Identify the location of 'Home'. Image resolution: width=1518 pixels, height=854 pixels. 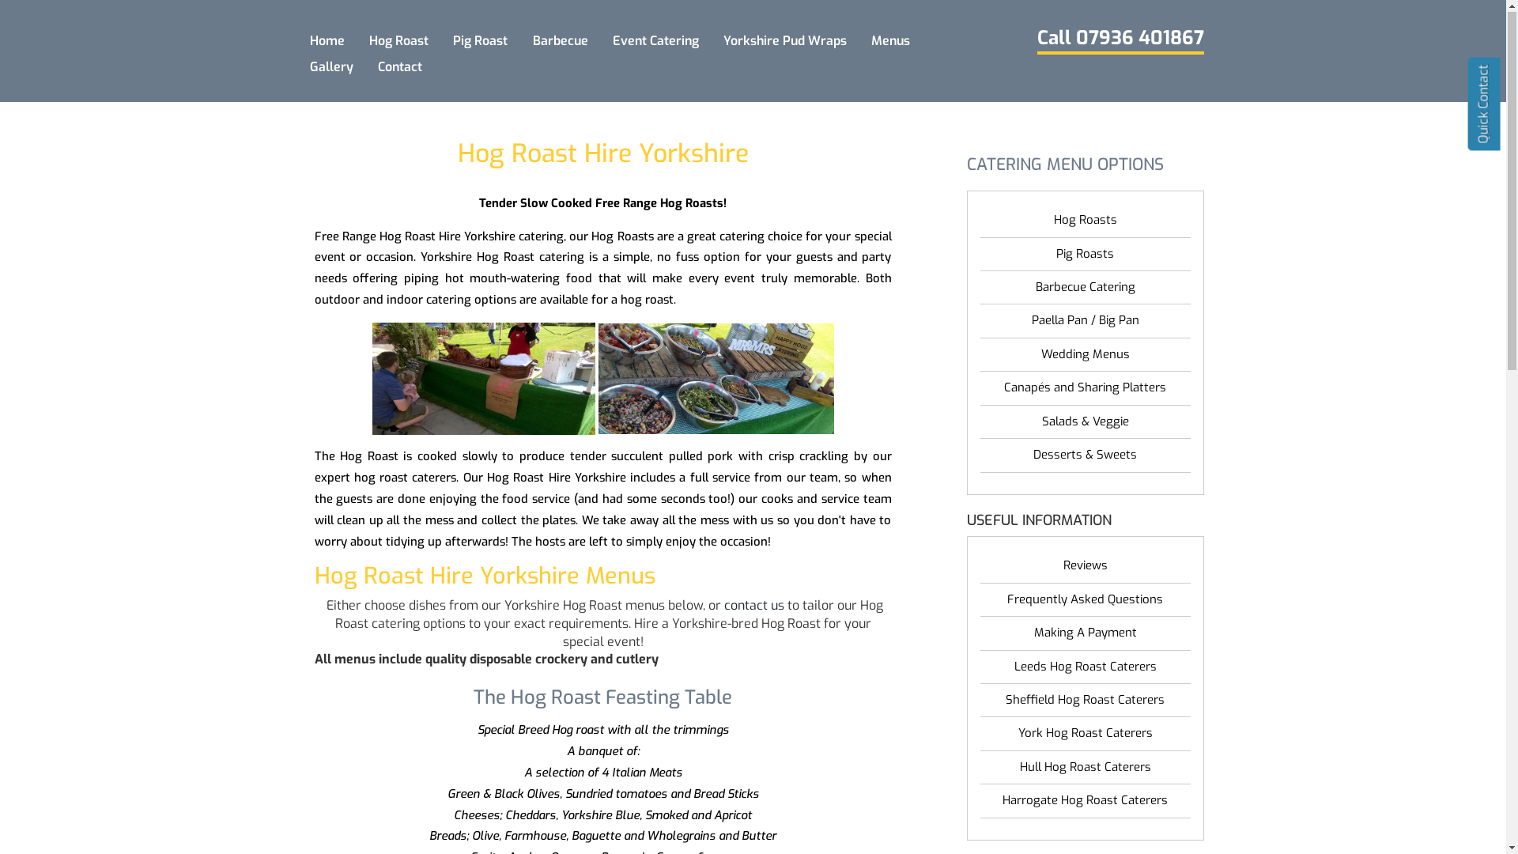
(326, 40).